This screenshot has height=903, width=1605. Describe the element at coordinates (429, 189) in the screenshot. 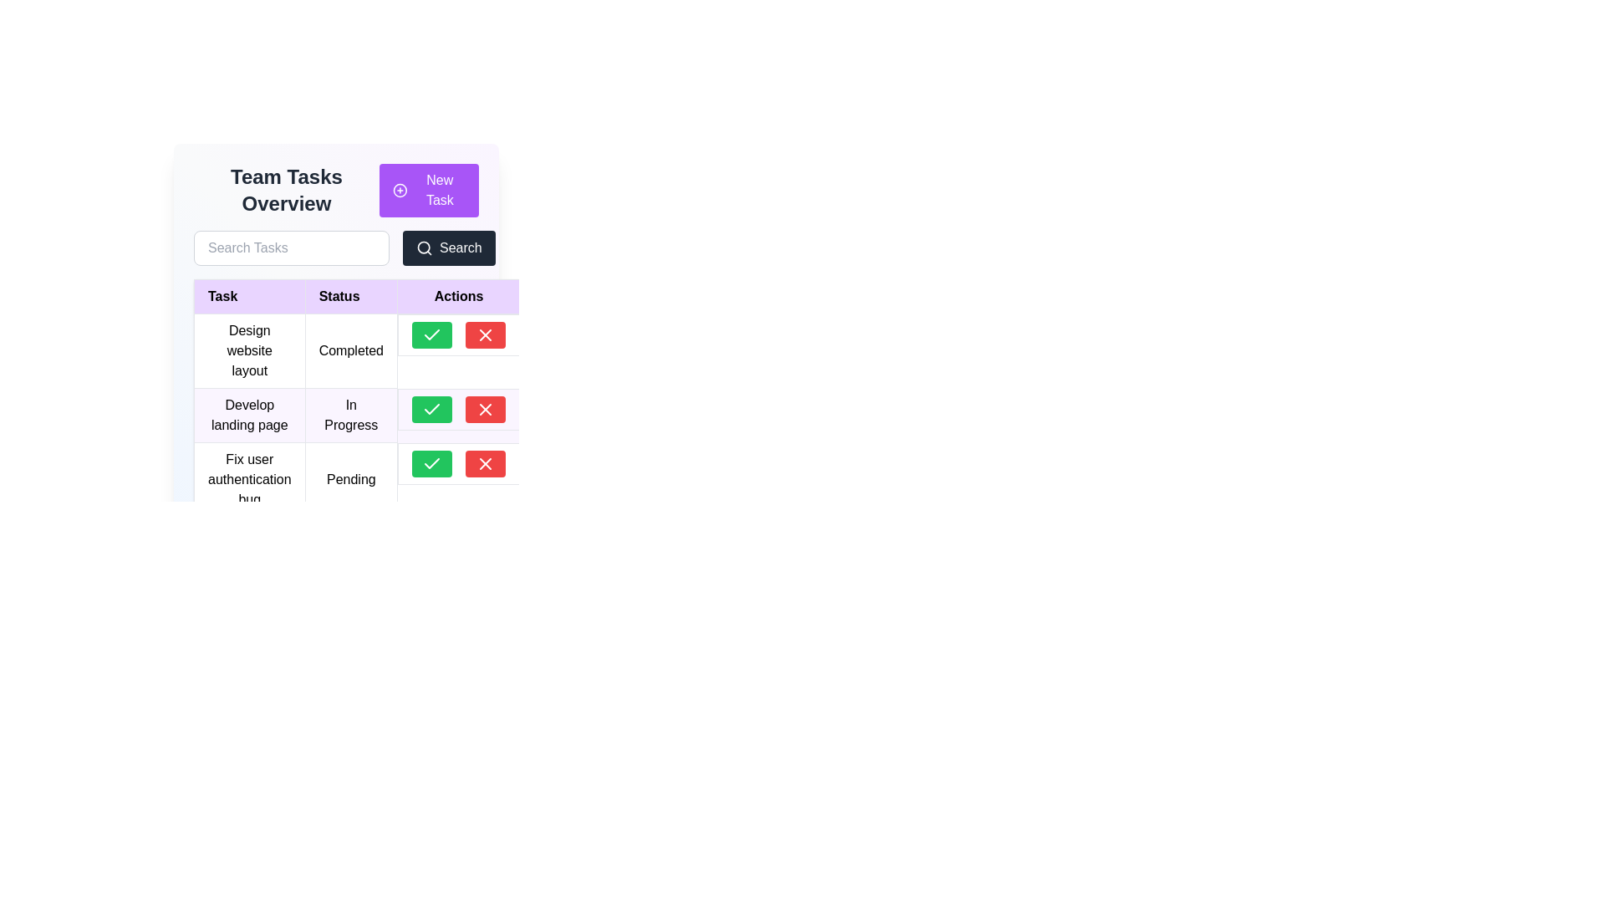

I see `the 'New Task' button located at the top-right corner of the 'Team Tasks Overview' section to visualize the hover effect` at that location.